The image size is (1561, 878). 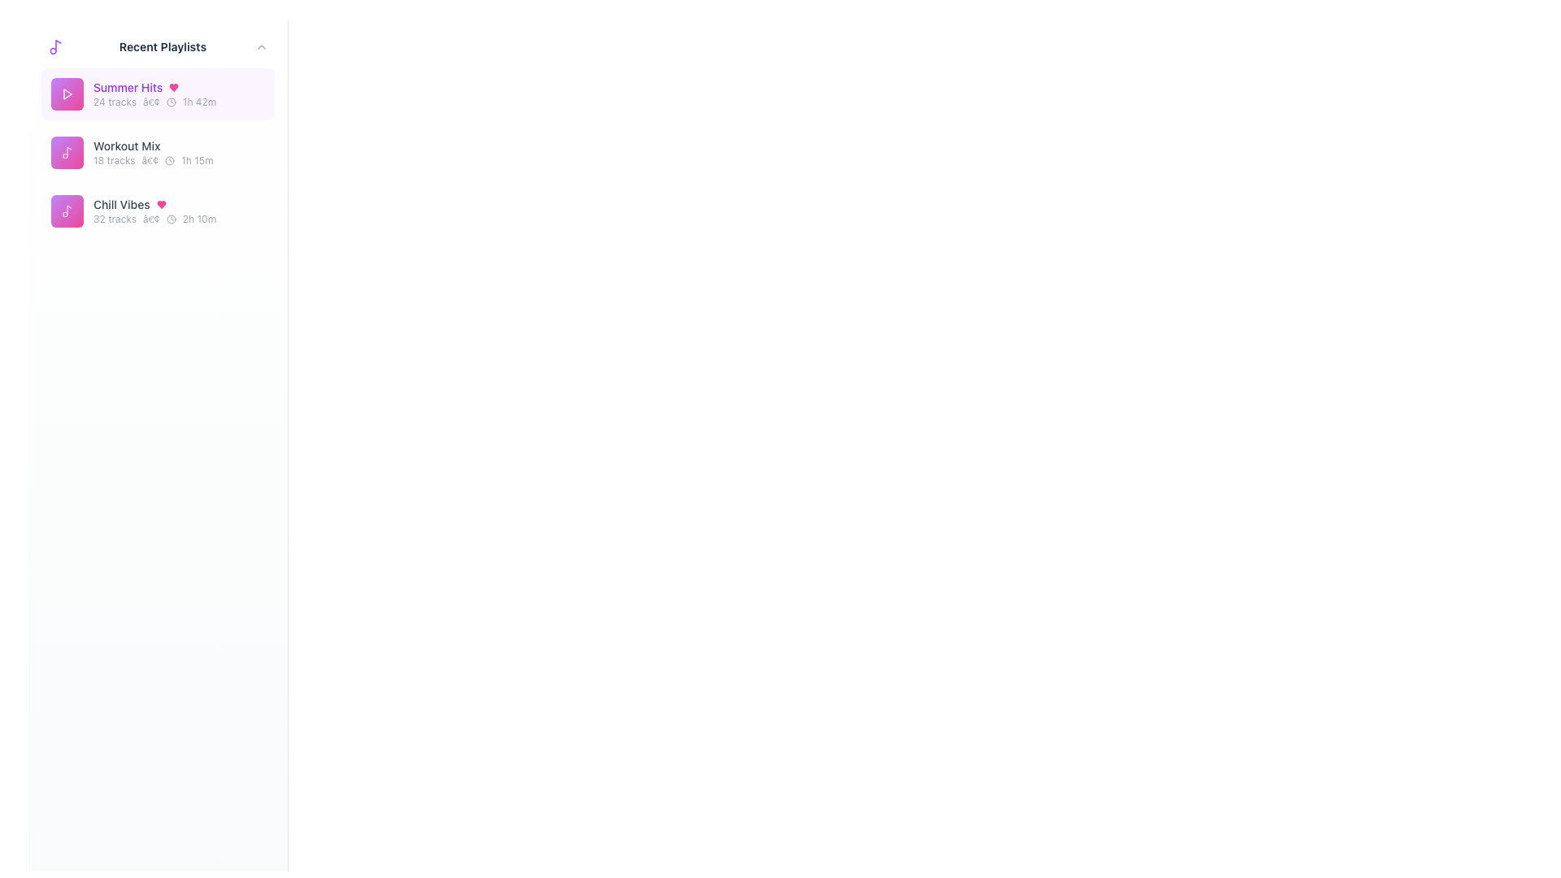 What do you see at coordinates (170, 160) in the screenshot?
I see `the circular base of the clock icon located next to the 'Workout Mix' playlist entry, which follows the text '1h 15m'` at bounding box center [170, 160].